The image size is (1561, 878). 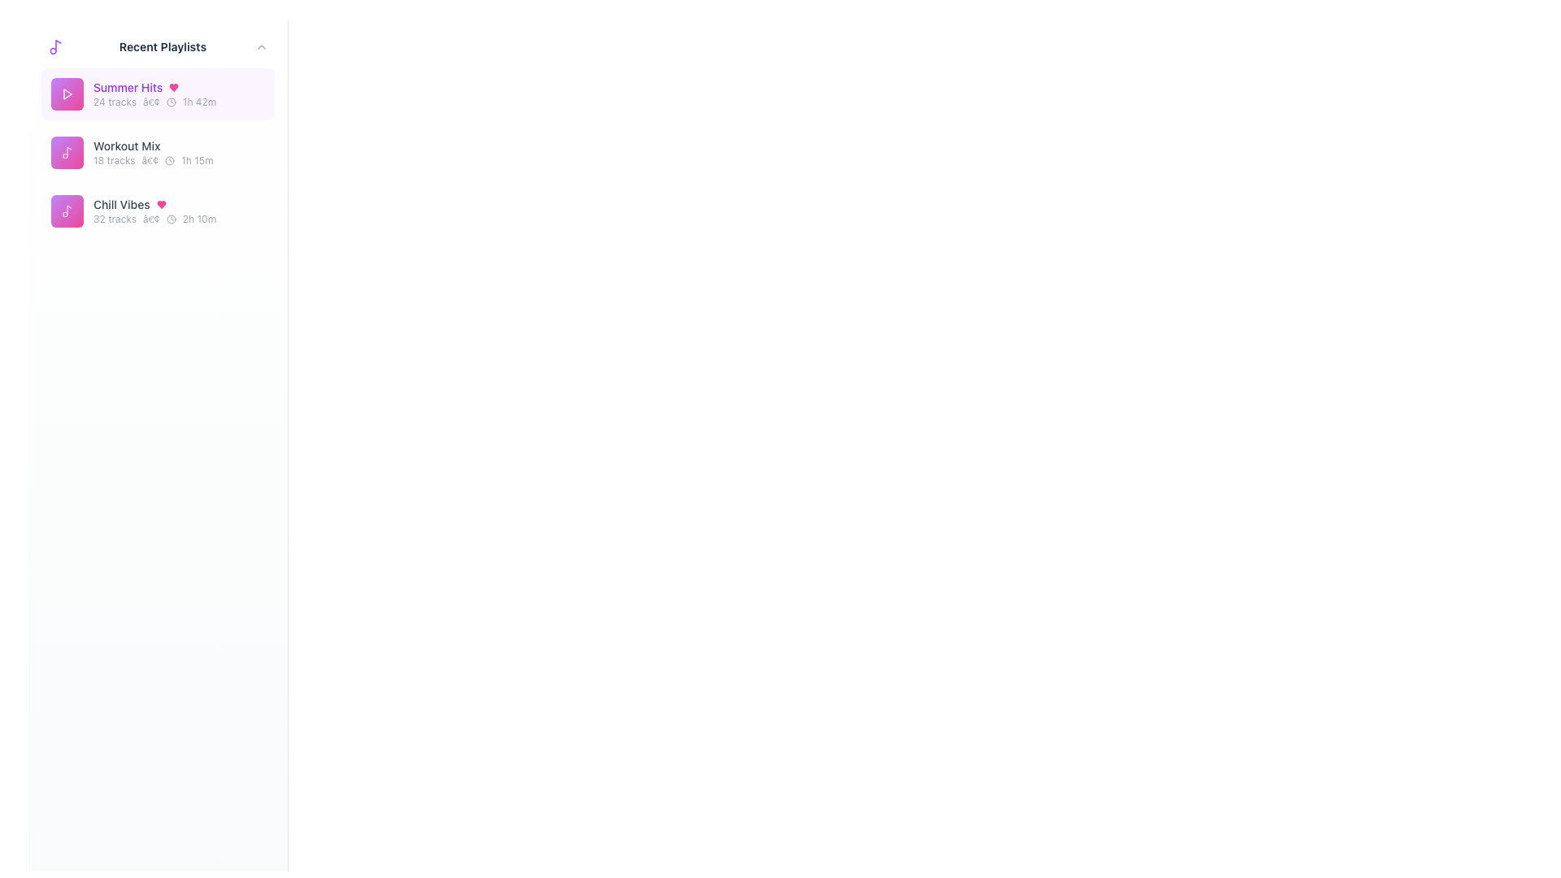 What do you see at coordinates (170, 160) in the screenshot?
I see `the circular base of the clock icon located next to the 'Workout Mix' playlist entry, which follows the text '1h 15m'` at bounding box center [170, 160].